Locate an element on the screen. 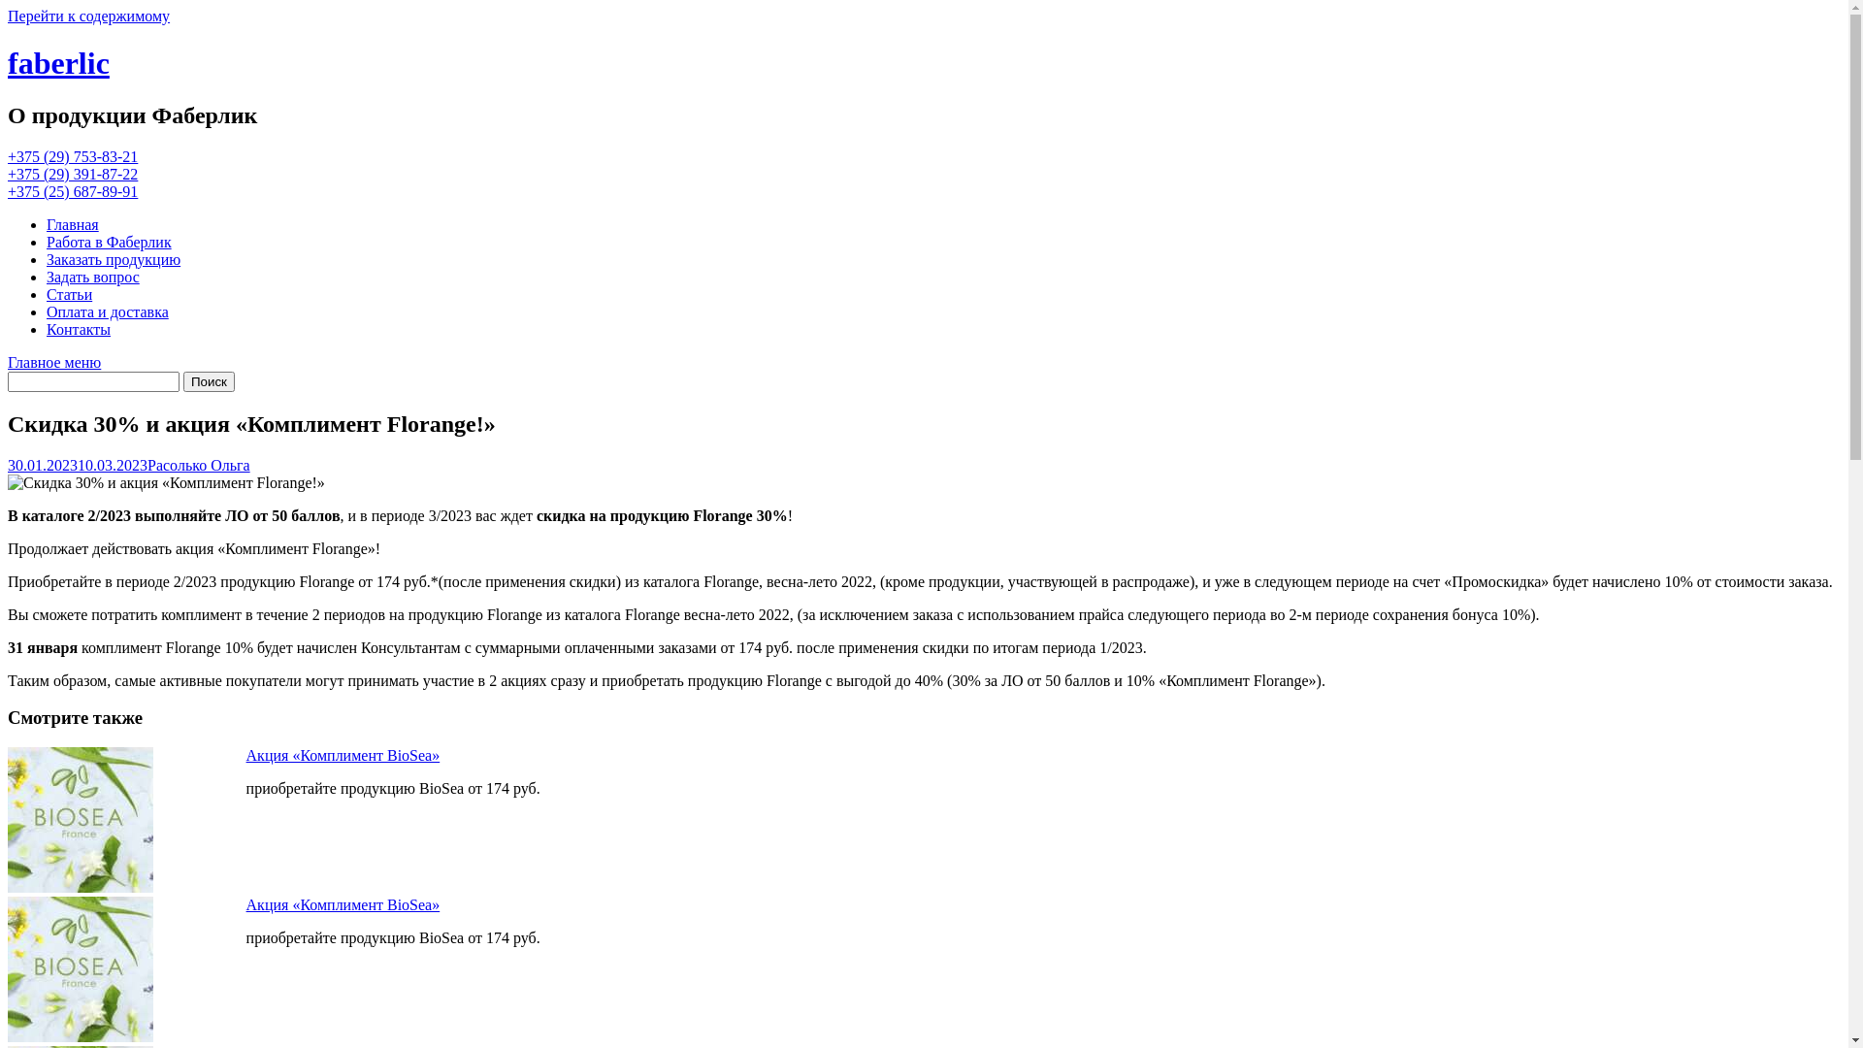 This screenshot has height=1048, width=1863. '+375 (25) 687-89-91' is located at coordinates (73, 191).